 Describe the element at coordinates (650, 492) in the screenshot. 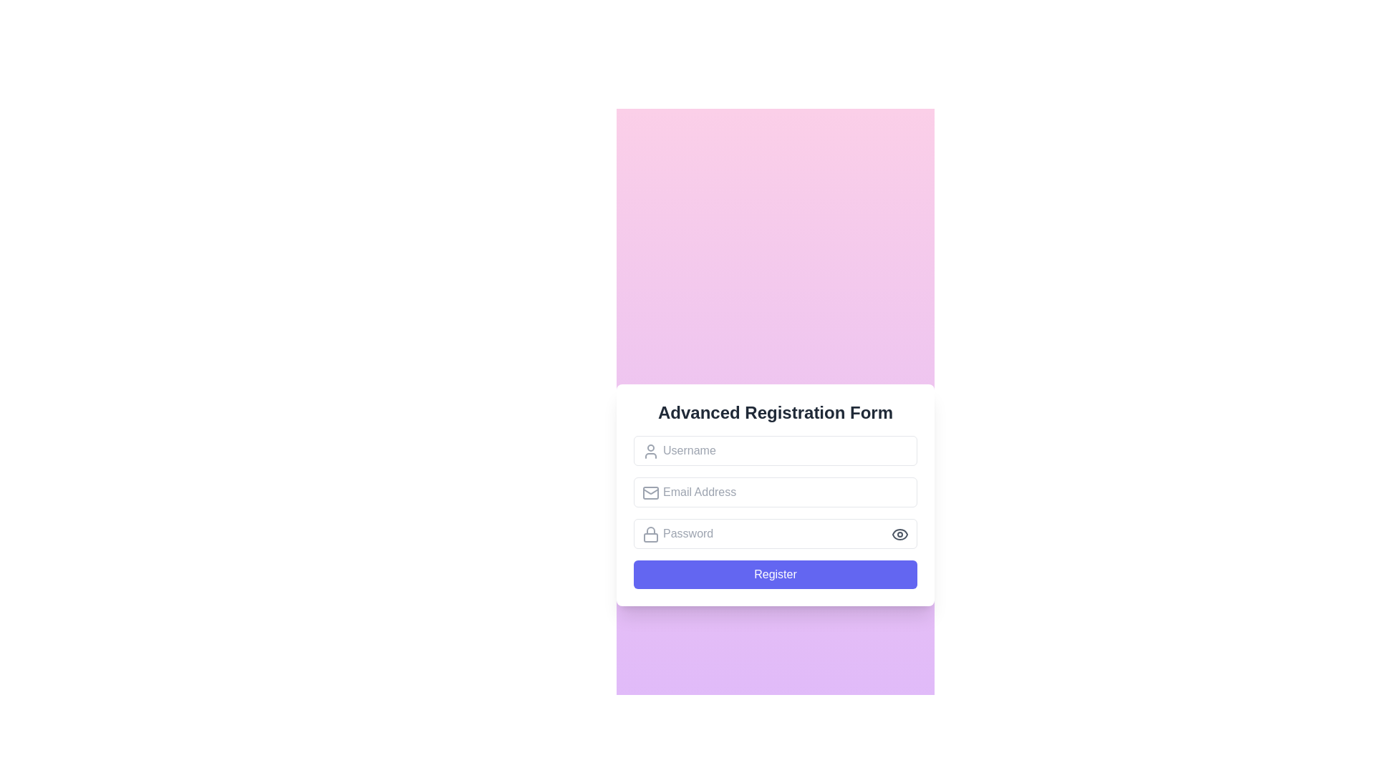

I see `the mail icon, which is a gray outlined envelope shape located to the left of the 'Email Address' input field` at that location.